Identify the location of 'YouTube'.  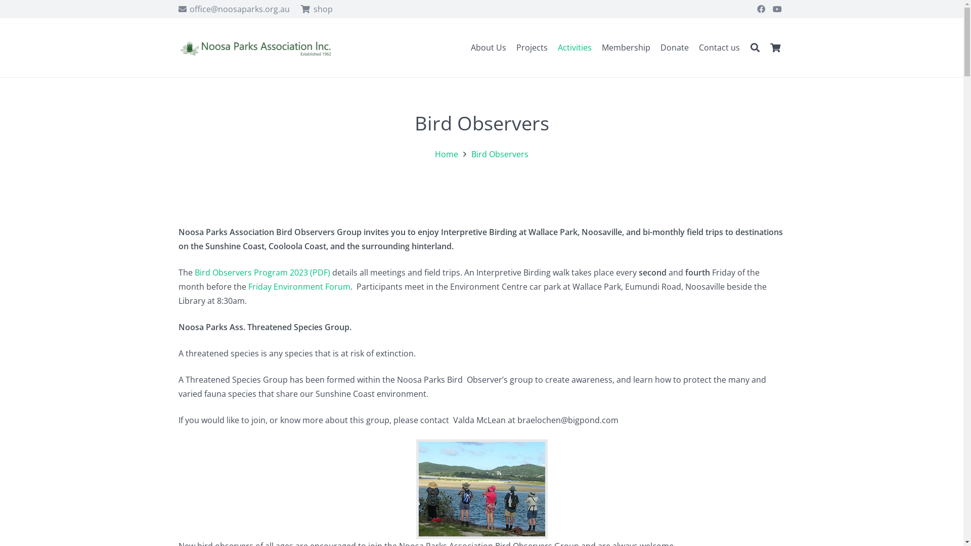
(776, 9).